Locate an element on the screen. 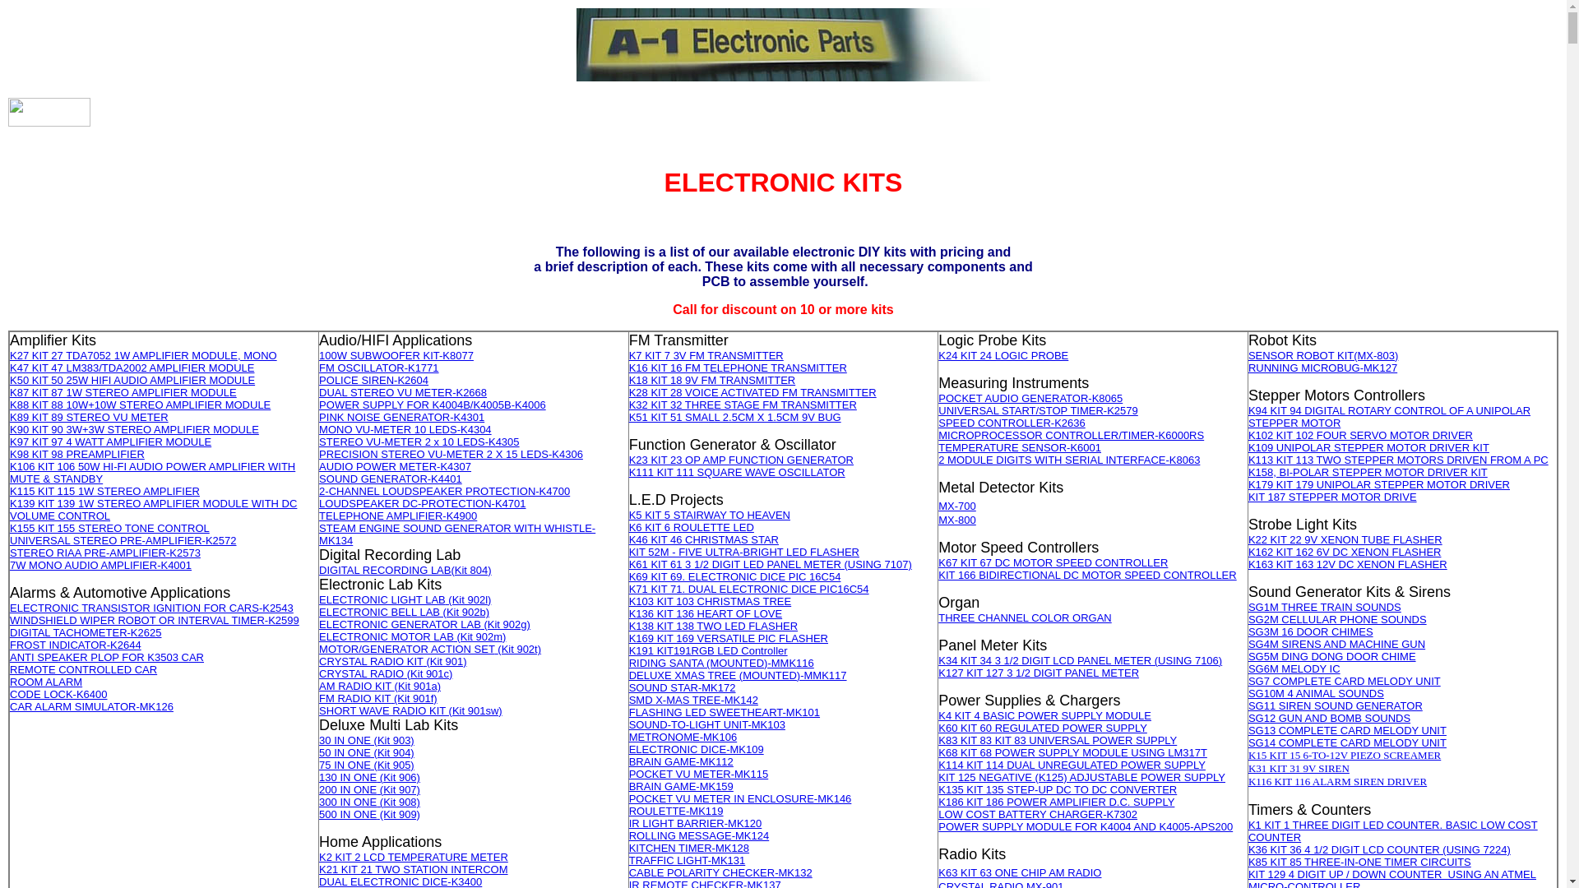  '50 IN ONE (Kit 904)' is located at coordinates (366, 752).